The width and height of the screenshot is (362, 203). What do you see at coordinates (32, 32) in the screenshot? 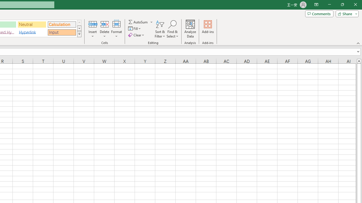
I see `'Hyperlink'` at bounding box center [32, 32].